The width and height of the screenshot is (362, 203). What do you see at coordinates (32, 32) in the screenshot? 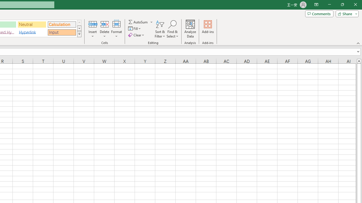
I see `'Hyperlink'` at bounding box center [32, 32].